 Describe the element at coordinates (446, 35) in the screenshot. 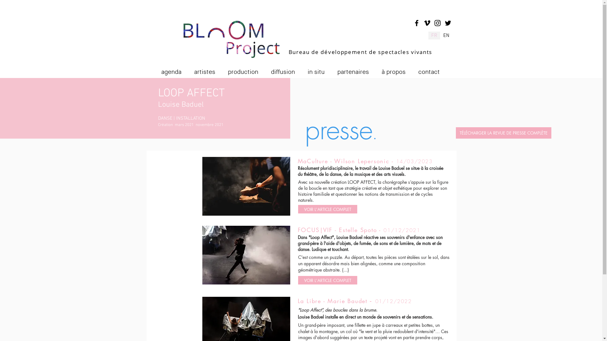

I see `'EN'` at that location.